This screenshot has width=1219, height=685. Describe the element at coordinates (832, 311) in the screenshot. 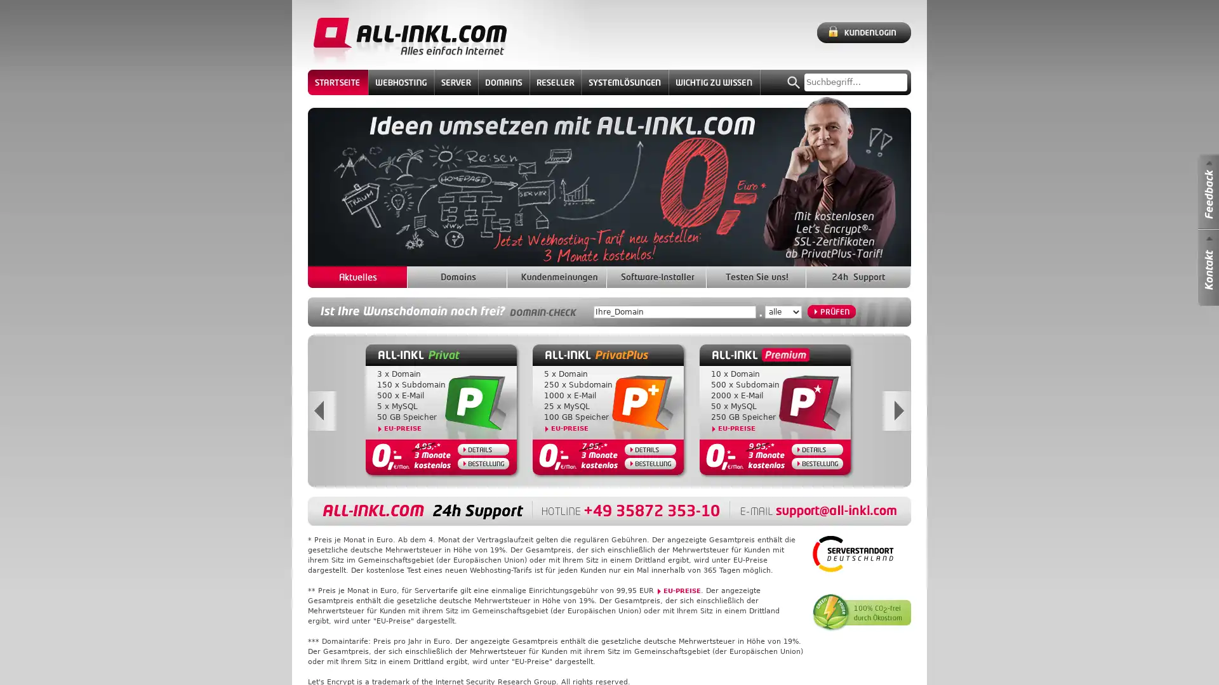

I see `Prufen` at that location.